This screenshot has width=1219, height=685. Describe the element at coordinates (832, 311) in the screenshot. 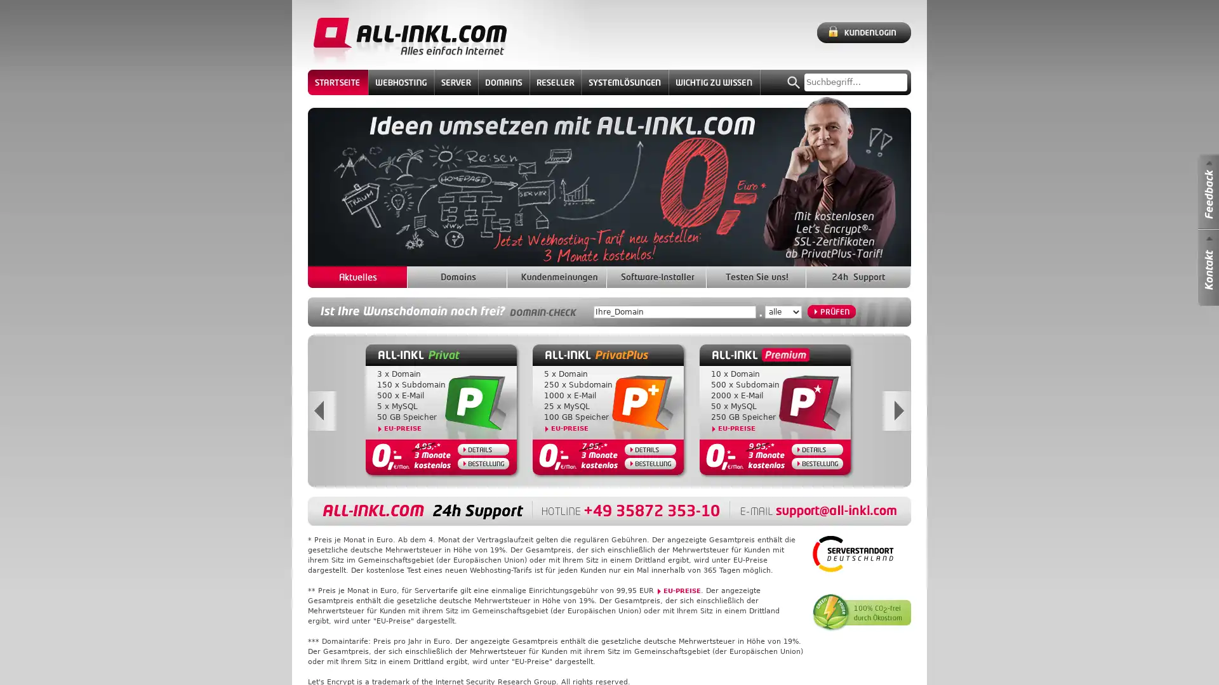

I see `Prufen` at that location.